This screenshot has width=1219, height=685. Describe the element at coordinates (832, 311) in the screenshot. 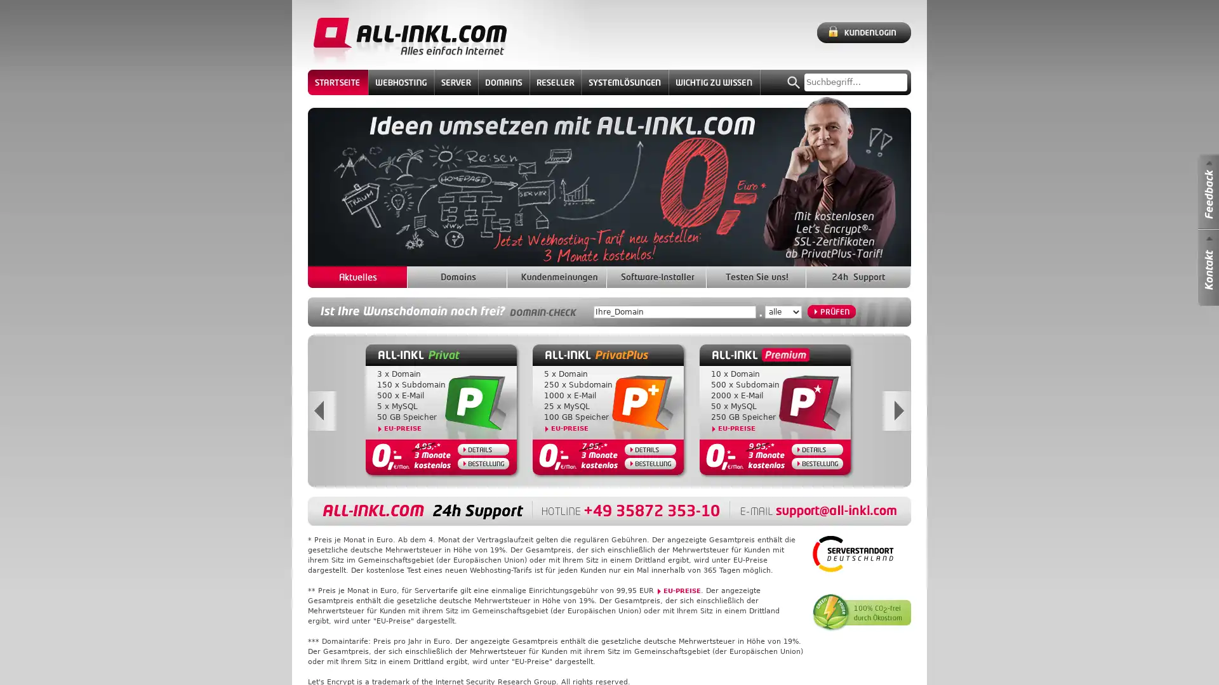

I see `Prufen` at that location.